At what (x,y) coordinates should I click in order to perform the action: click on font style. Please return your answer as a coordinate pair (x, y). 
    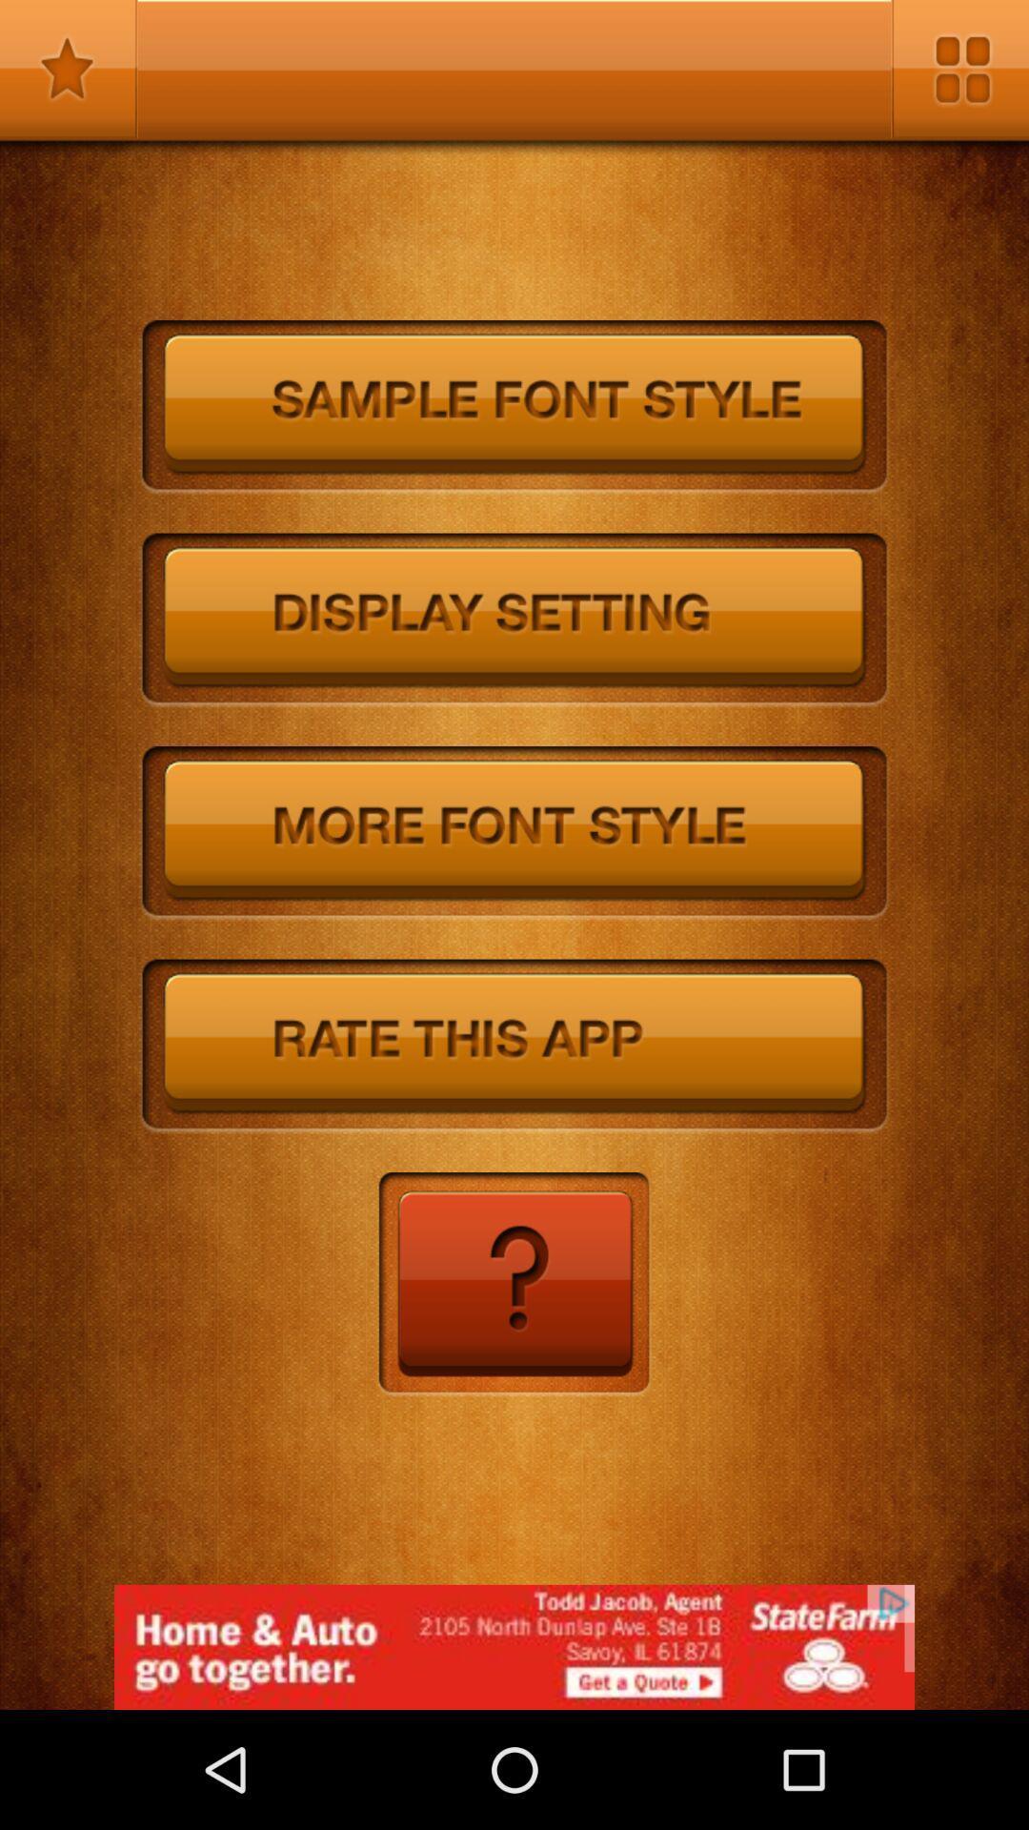
    Looking at the image, I should click on (514, 406).